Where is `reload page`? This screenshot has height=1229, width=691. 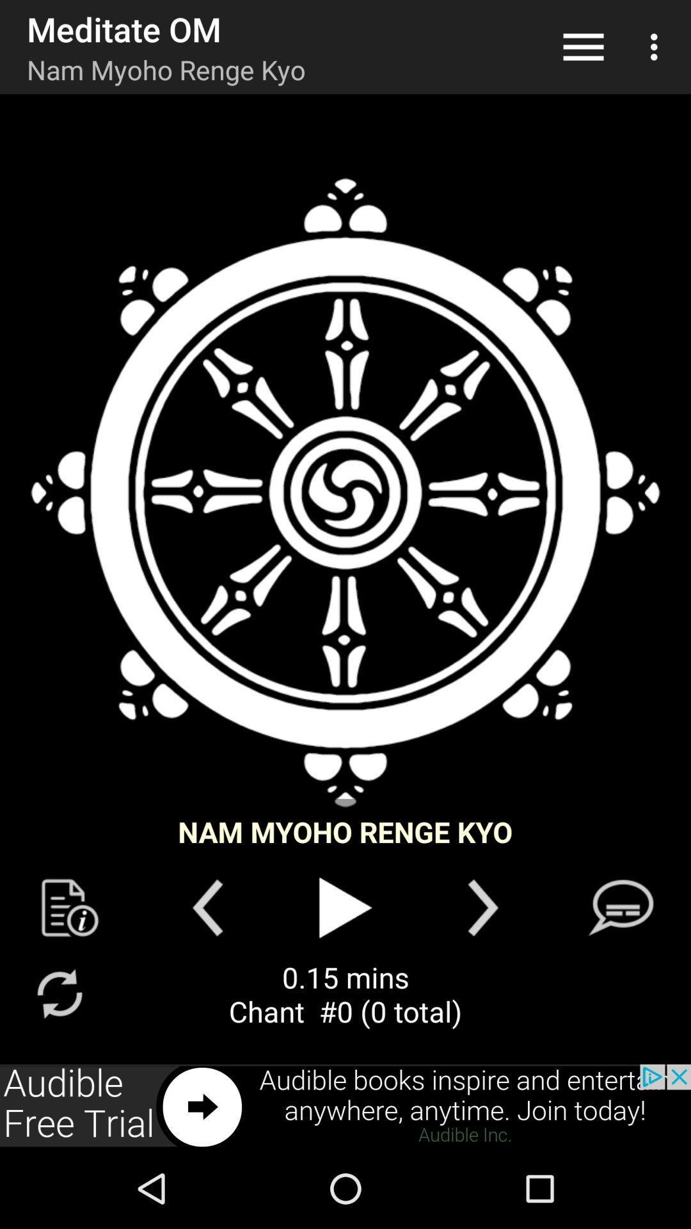
reload page is located at coordinates (59, 993).